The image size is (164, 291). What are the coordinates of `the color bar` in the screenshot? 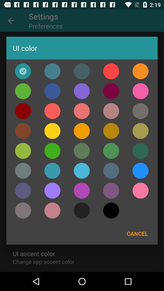 It's located at (111, 210).